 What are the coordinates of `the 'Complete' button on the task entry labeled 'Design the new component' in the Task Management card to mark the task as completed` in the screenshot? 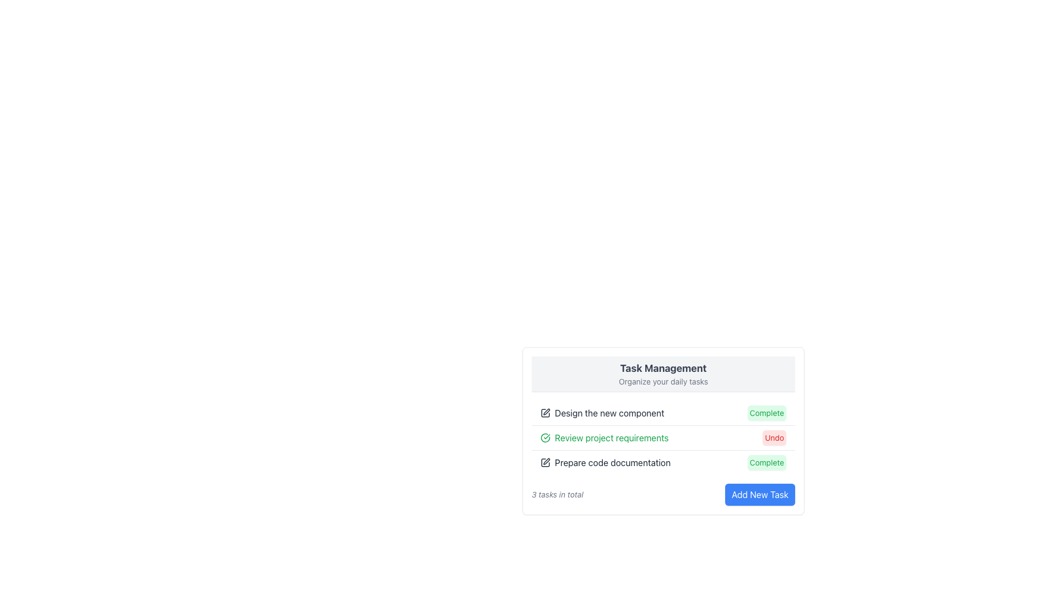 It's located at (663, 413).